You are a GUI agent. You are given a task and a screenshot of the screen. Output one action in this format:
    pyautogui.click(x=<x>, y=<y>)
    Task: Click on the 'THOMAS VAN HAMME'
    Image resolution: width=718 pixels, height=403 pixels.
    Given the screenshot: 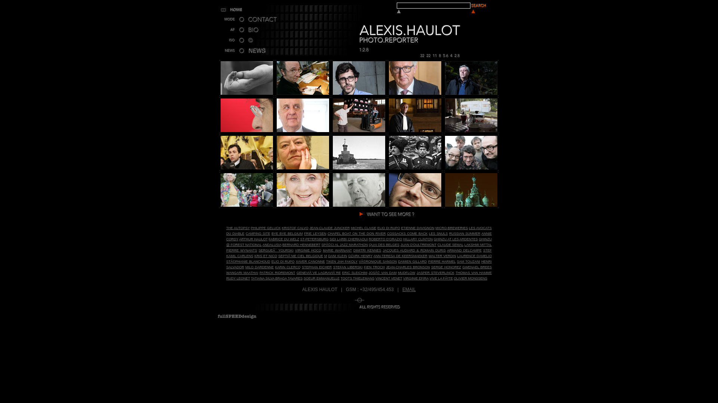 What is the action you would take?
    pyautogui.click(x=473, y=273)
    